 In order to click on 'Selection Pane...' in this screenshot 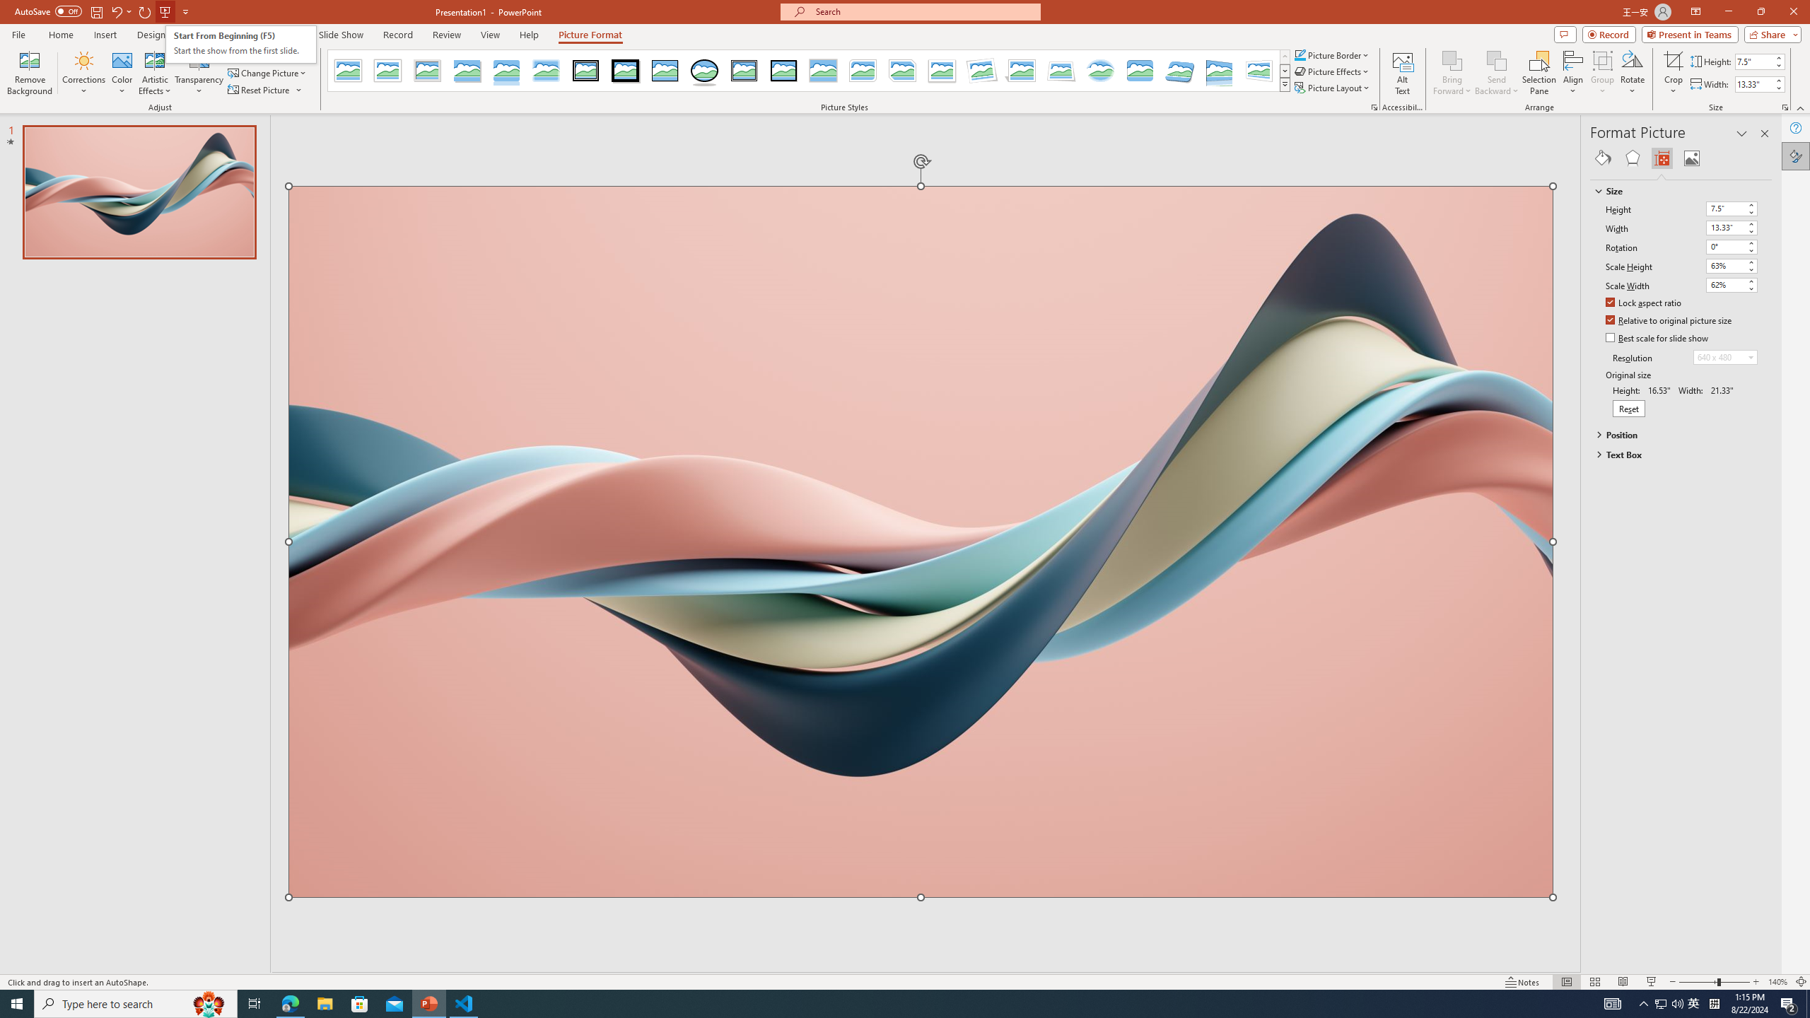, I will do `click(1538, 73)`.